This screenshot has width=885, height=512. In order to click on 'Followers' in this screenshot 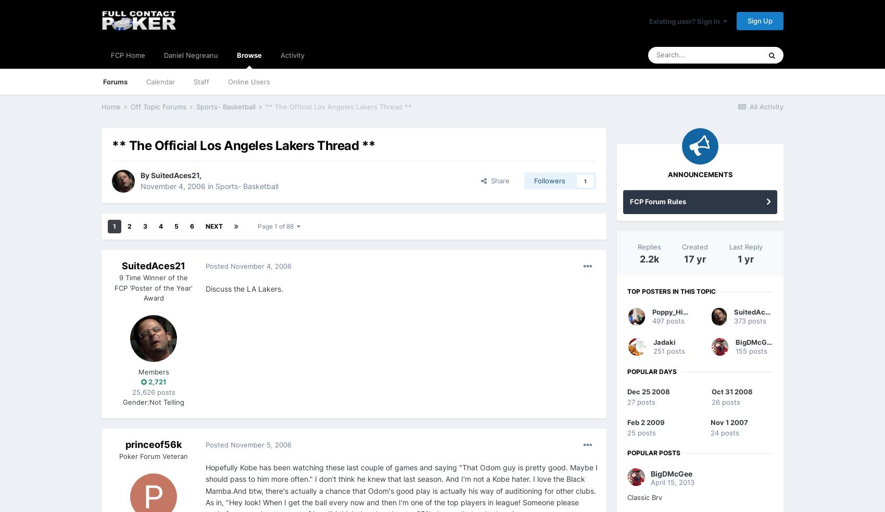, I will do `click(549, 180)`.